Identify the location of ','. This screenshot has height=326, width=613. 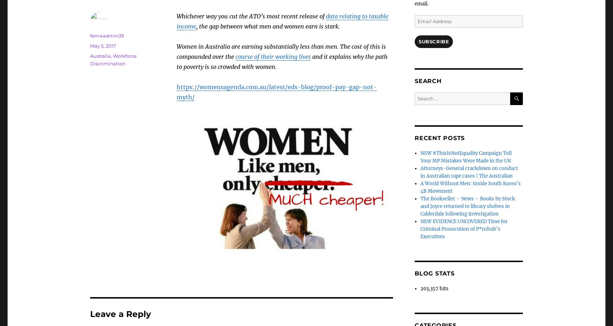
(112, 56).